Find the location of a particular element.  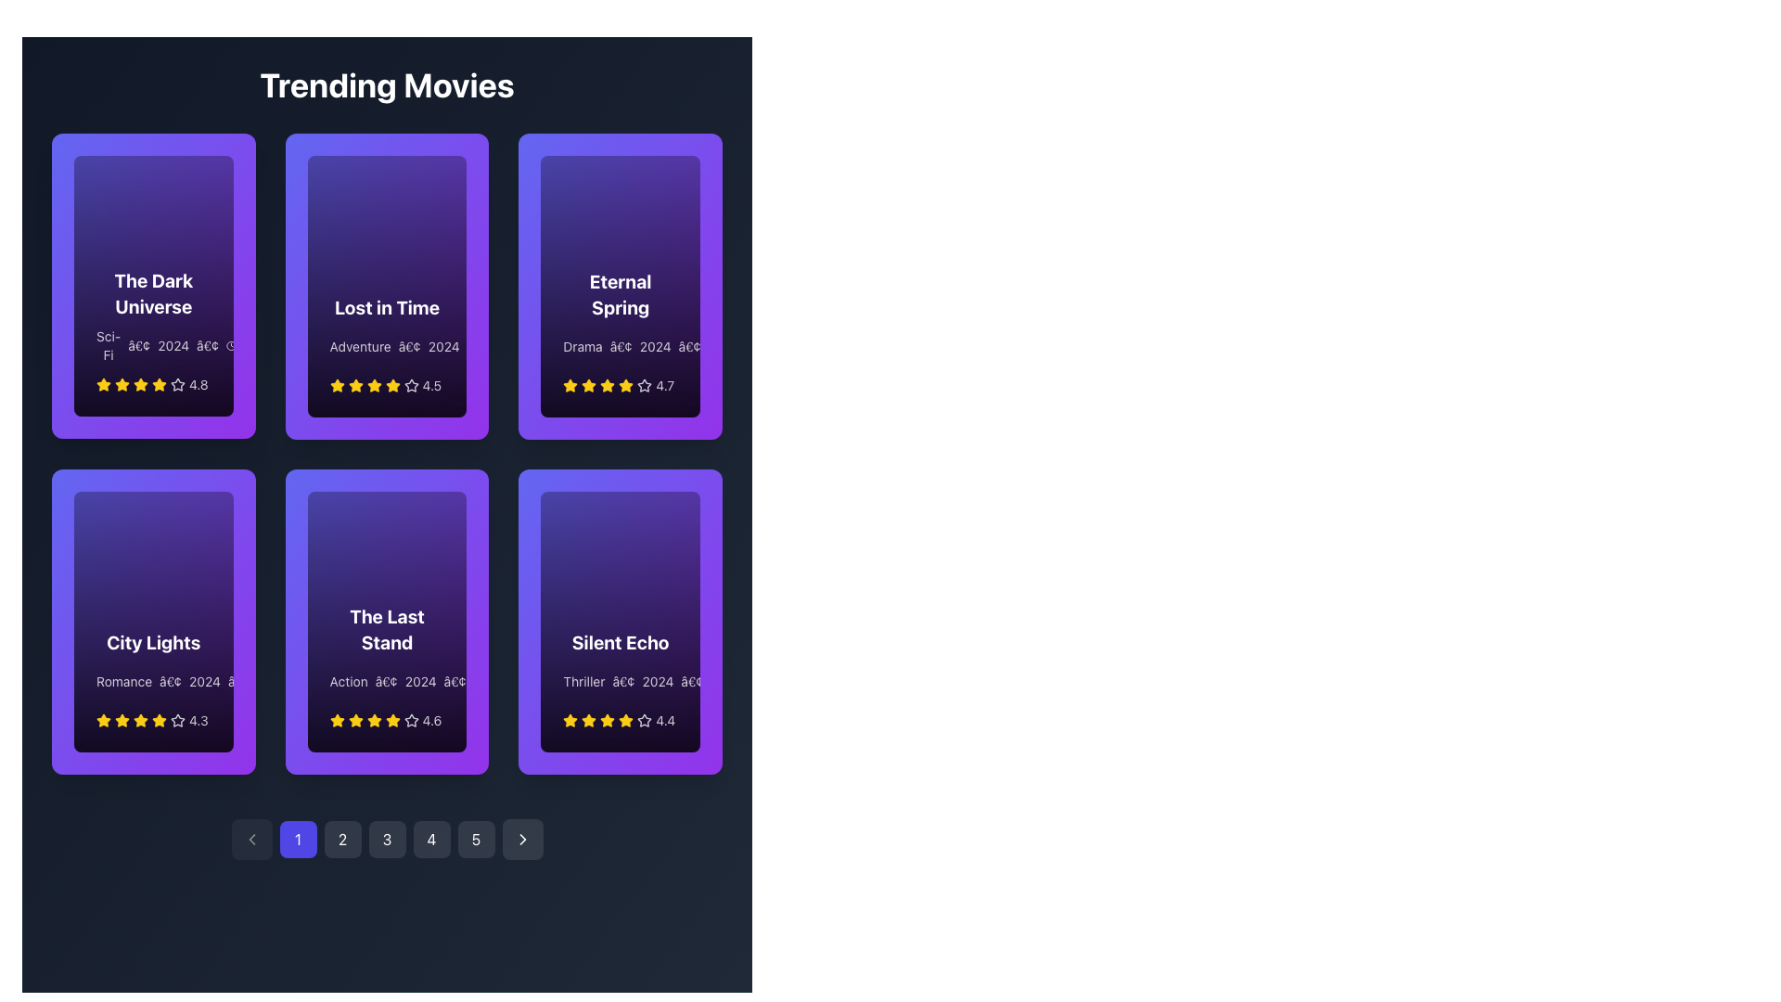

the fifth star icon in the rating bar for the 'Eternal Spring' movie to interact with its rating representation is located at coordinates (645, 384).